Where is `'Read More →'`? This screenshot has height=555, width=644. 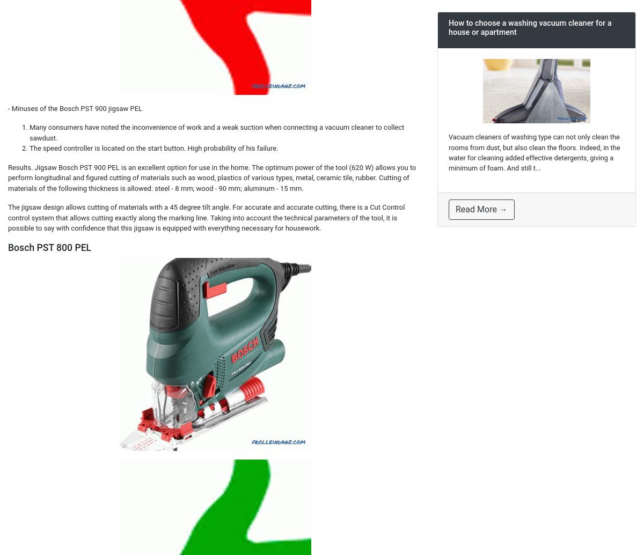
'Read More →' is located at coordinates (455, 209).